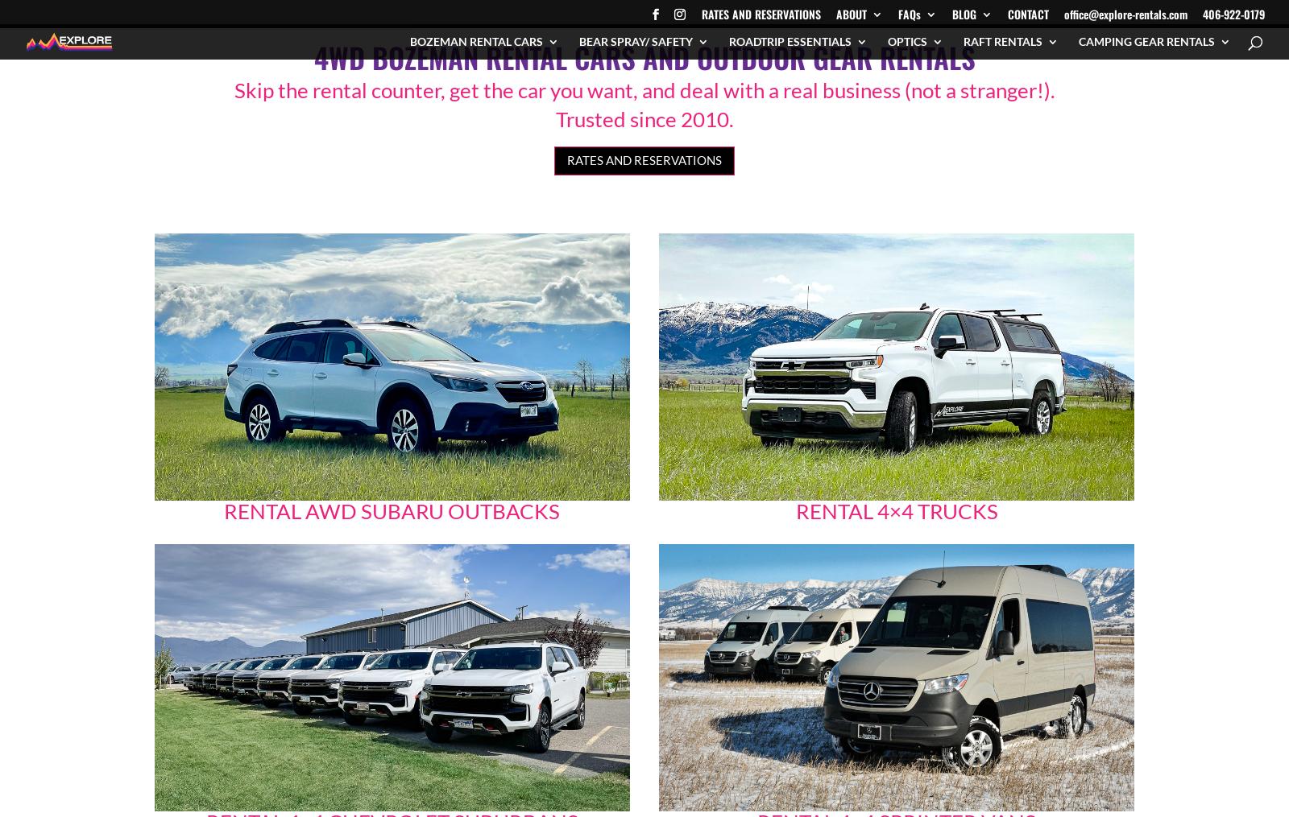  Describe the element at coordinates (852, 230) in the screenshot. I see `'International Car Renter Insurance FAQs'` at that location.